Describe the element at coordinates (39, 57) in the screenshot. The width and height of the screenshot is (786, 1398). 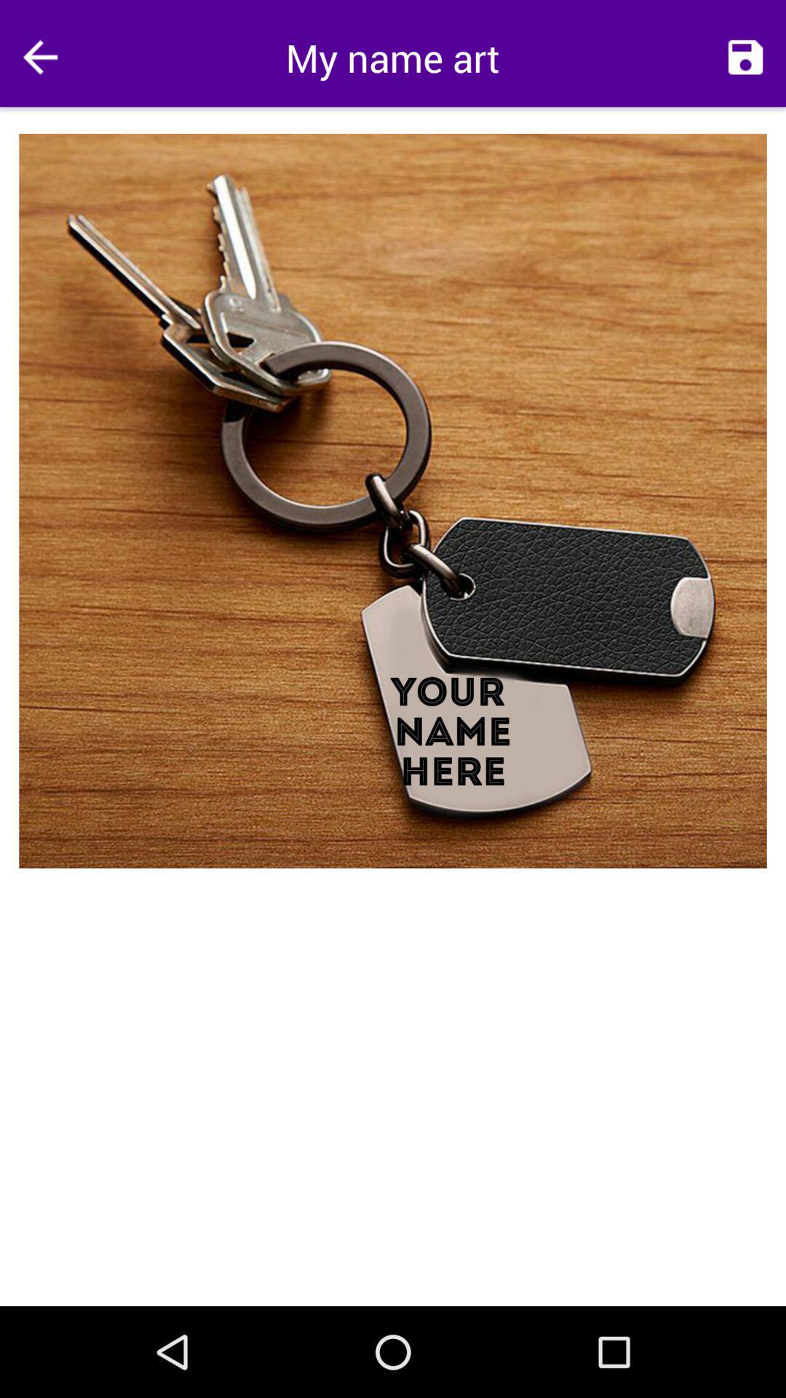
I see `item to the left of the my name art item` at that location.